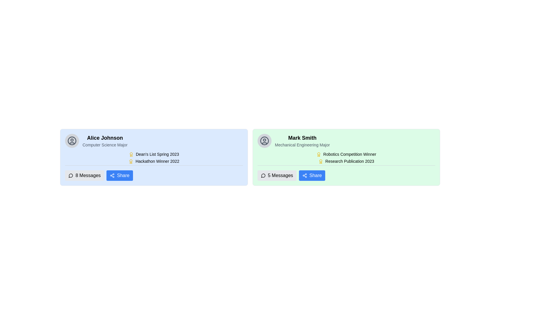  I want to click on the circular user avatar icon located at the center of the left card in the interface, so click(71, 141).